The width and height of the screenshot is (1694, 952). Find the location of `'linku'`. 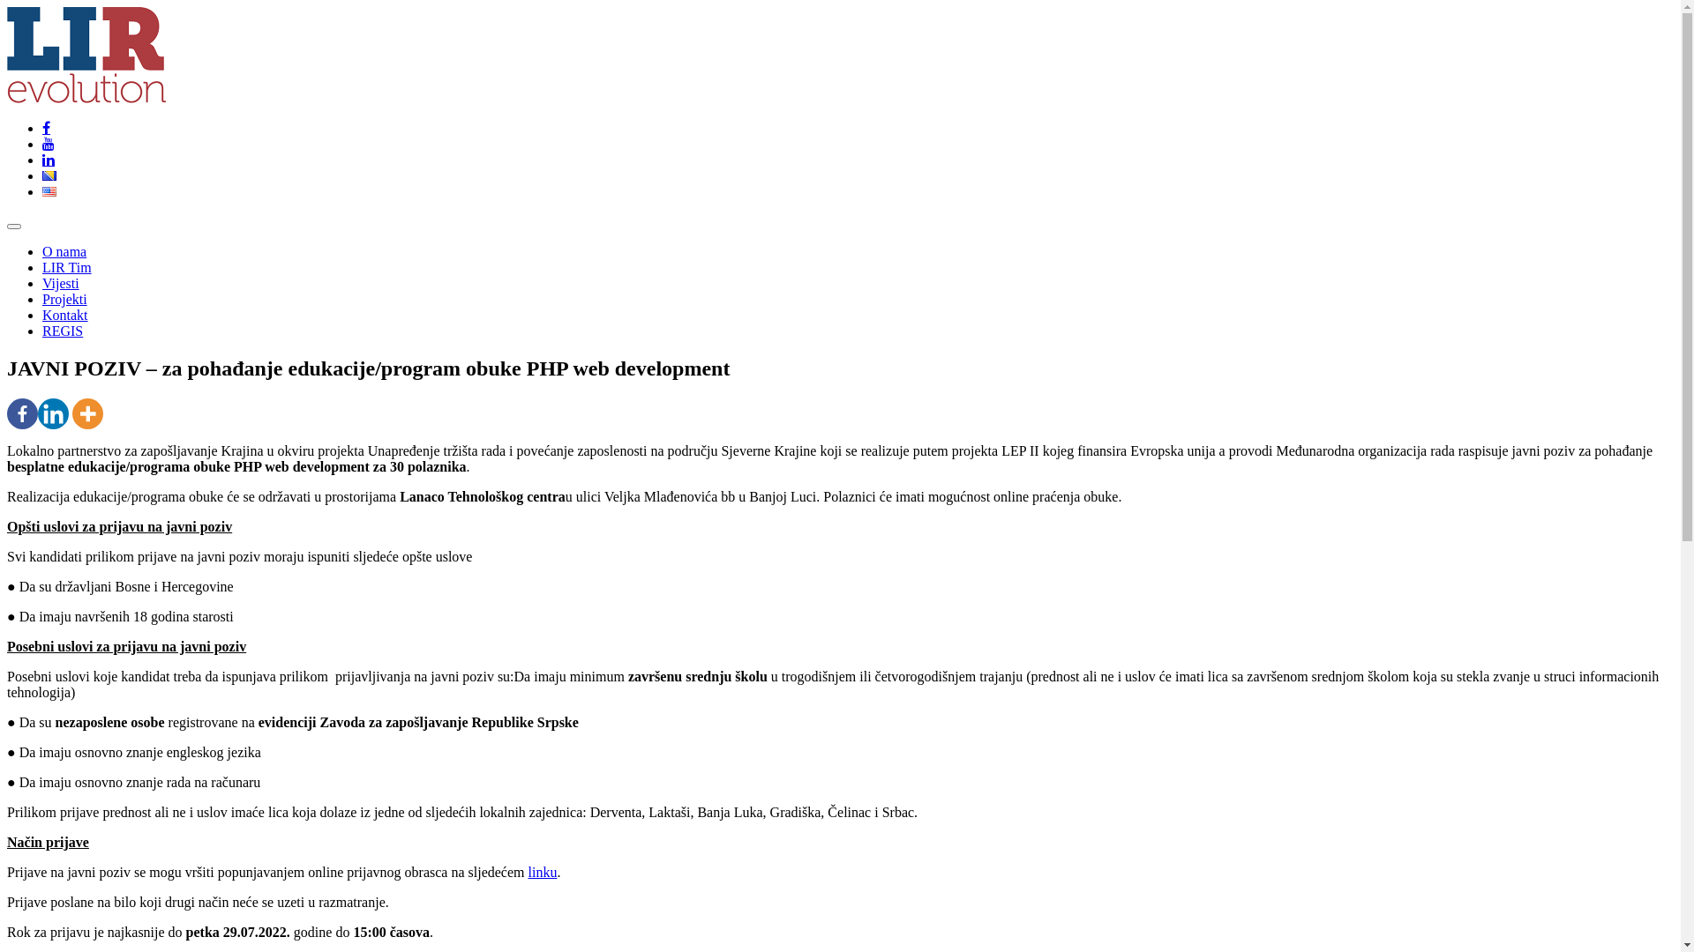

'linku' is located at coordinates (542, 871).